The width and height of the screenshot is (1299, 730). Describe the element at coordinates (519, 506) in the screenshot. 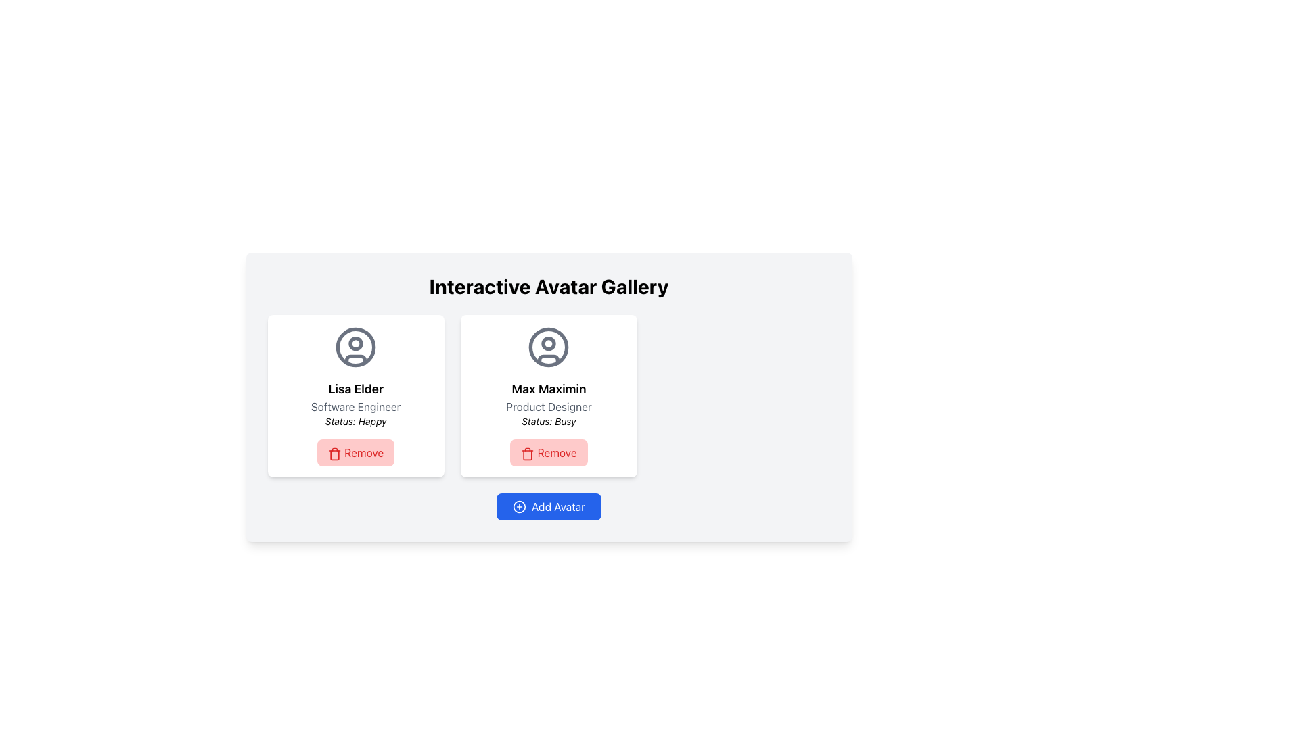

I see `the circular icon with a plus sign located inside the 'Add Avatar' button at the bottom-right of the interface` at that location.